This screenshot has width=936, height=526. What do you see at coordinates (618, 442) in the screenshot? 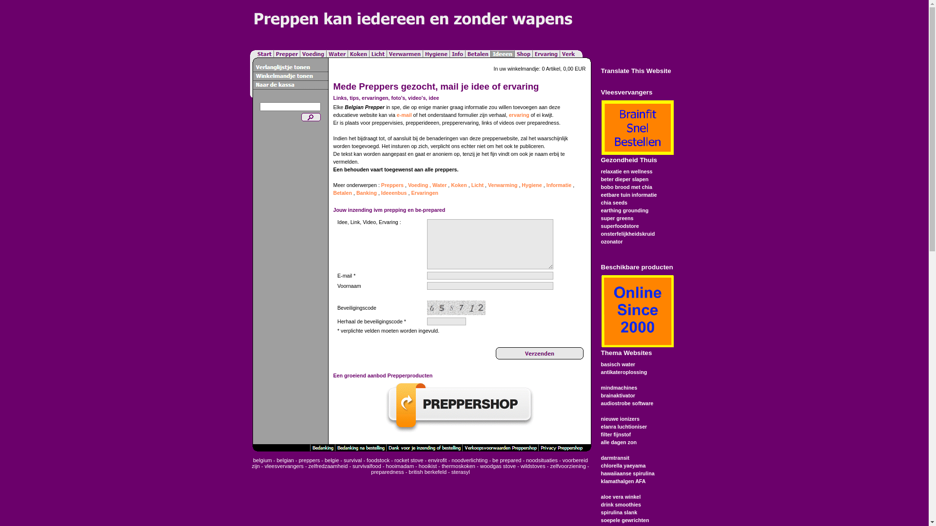
I see `'alle dagen zon'` at bounding box center [618, 442].